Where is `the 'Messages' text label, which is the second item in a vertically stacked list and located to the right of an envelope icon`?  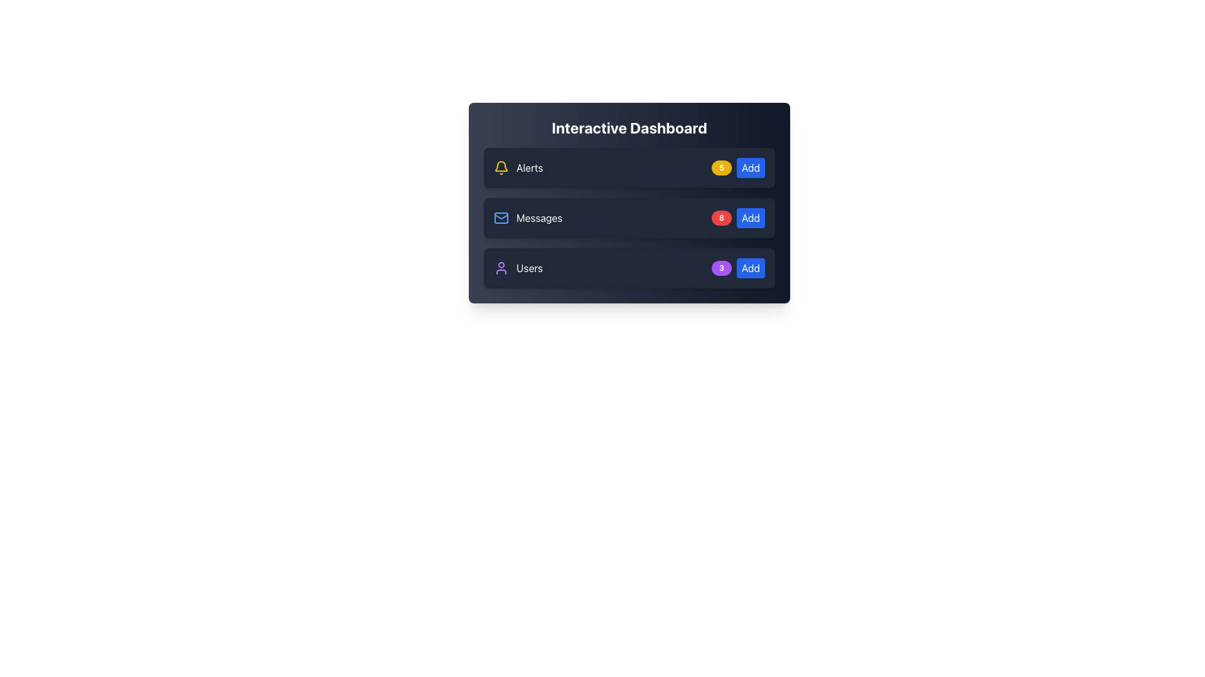
the 'Messages' text label, which is the second item in a vertically stacked list and located to the right of an envelope icon is located at coordinates (528, 217).